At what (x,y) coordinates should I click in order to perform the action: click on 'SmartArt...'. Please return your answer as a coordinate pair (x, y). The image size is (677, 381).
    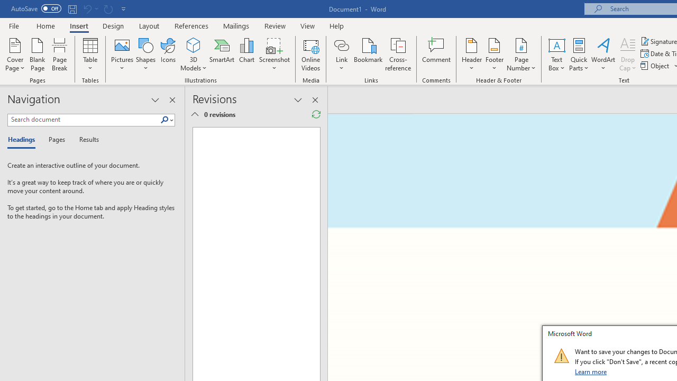
    Looking at the image, I should click on (221, 55).